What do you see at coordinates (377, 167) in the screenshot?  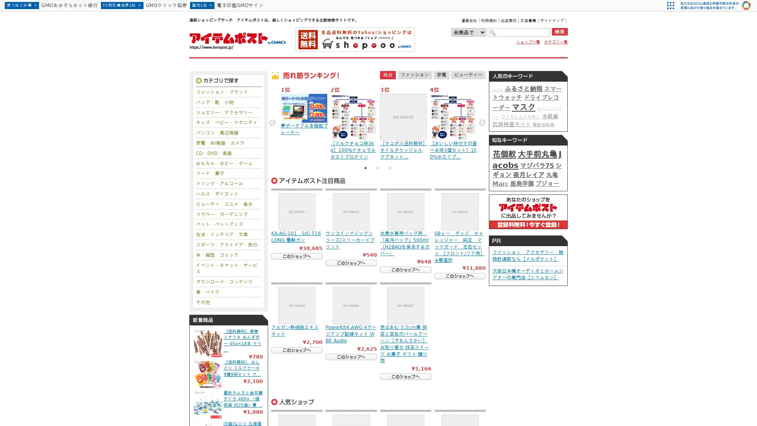 I see `2` at bounding box center [377, 167].